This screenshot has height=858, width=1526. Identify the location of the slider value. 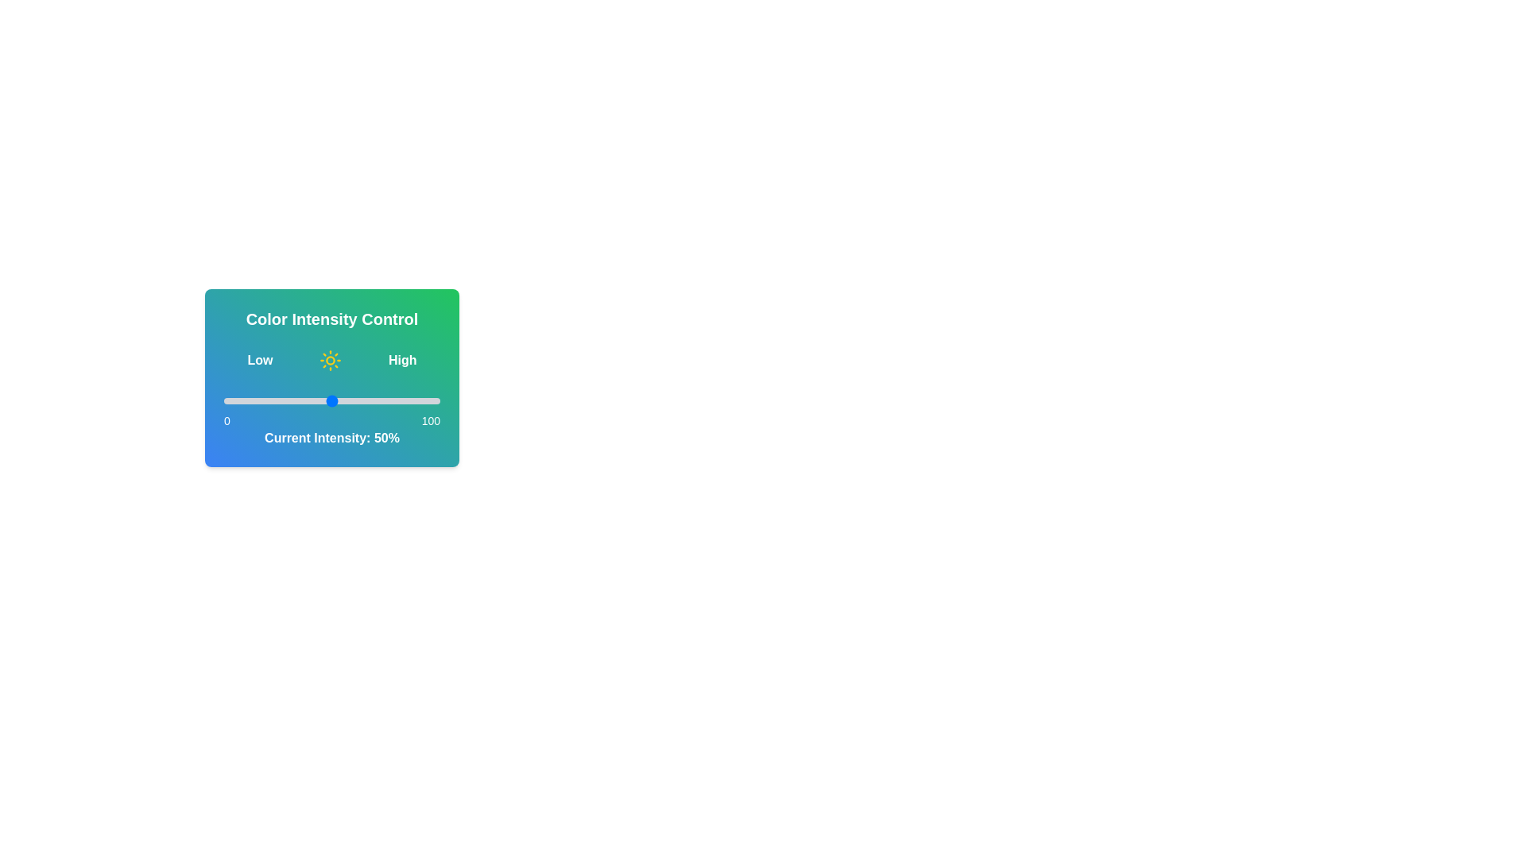
(225, 400).